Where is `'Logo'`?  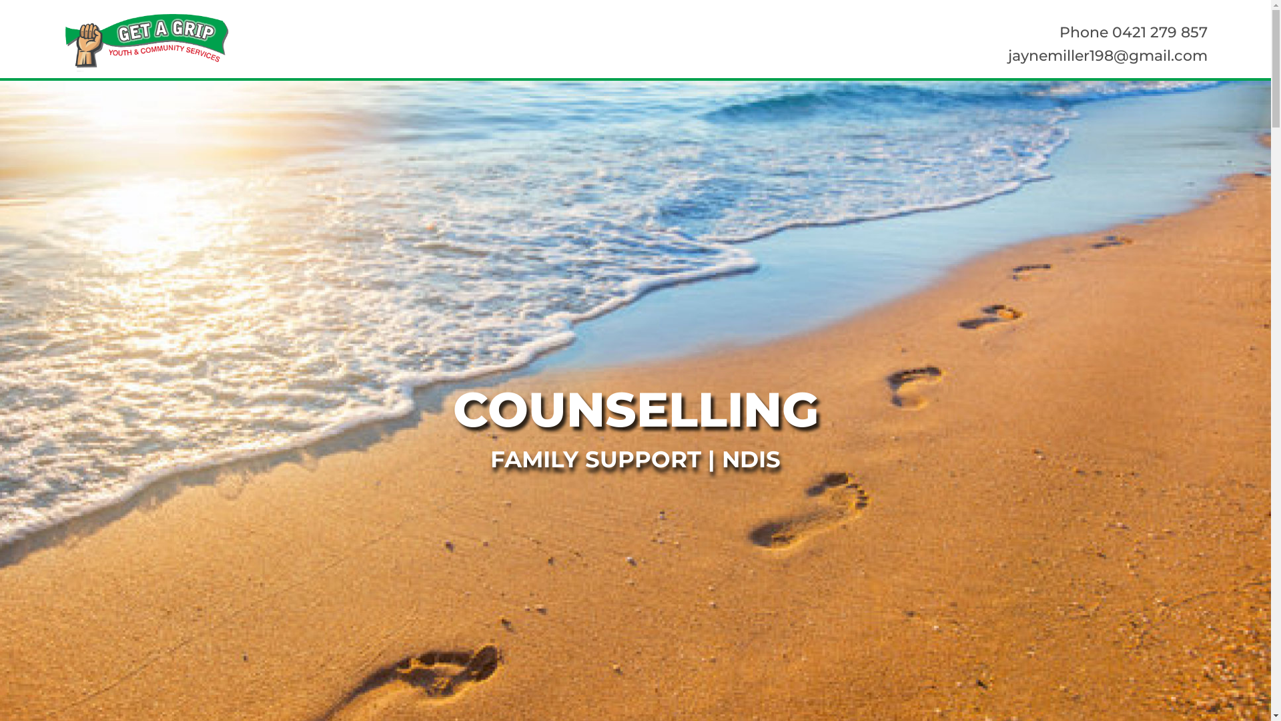
'Logo' is located at coordinates (147, 40).